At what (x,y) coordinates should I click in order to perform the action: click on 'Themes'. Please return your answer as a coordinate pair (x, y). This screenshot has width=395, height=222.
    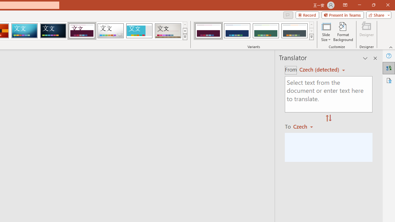
    Looking at the image, I should click on (185, 37).